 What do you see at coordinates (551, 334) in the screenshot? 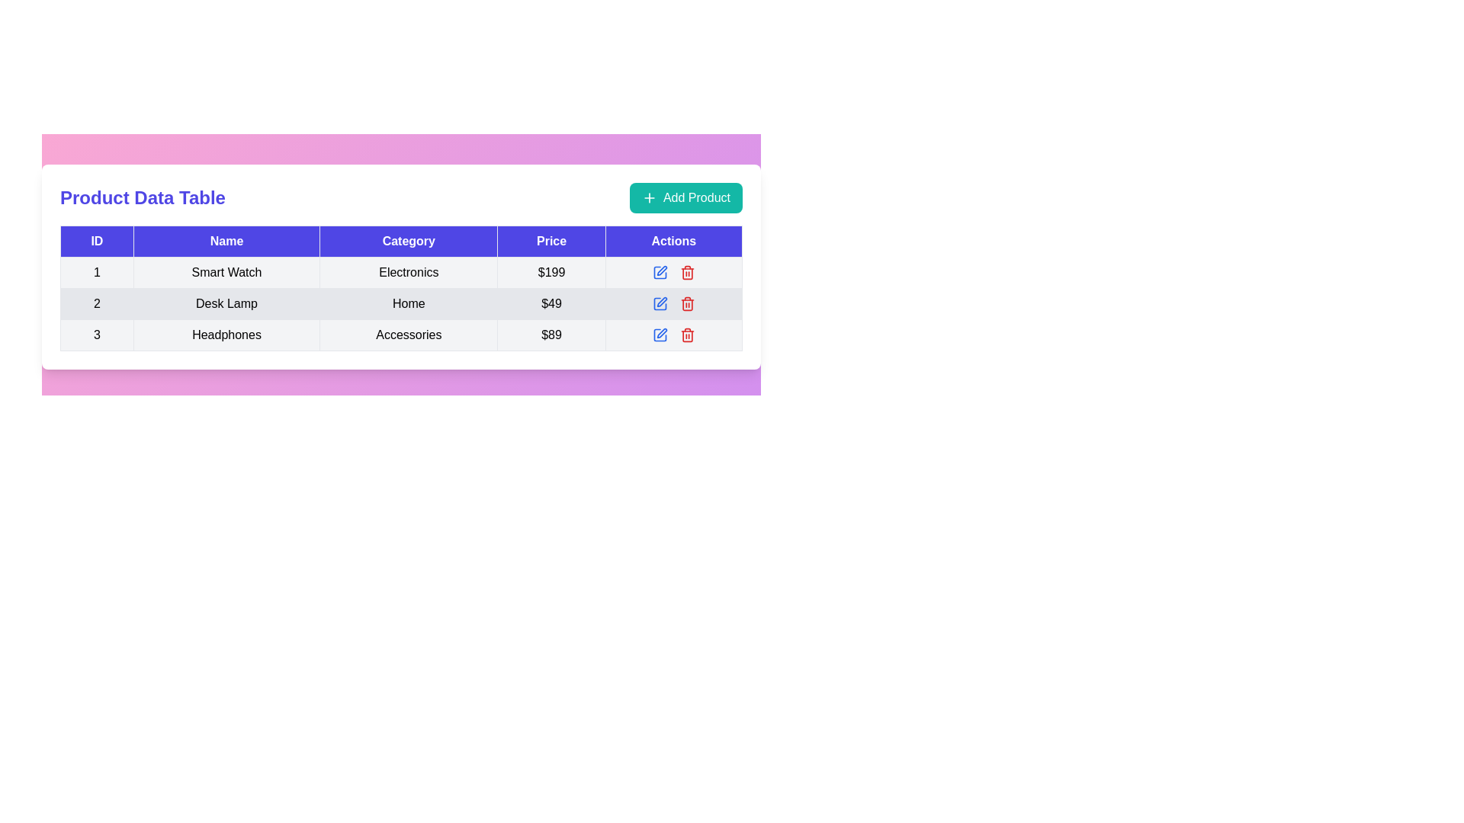
I see `text '$89' from the table cell in the fourth column of the third row, which is identified by its first cell containing '3' and the second cell containing 'Headphones'` at bounding box center [551, 334].